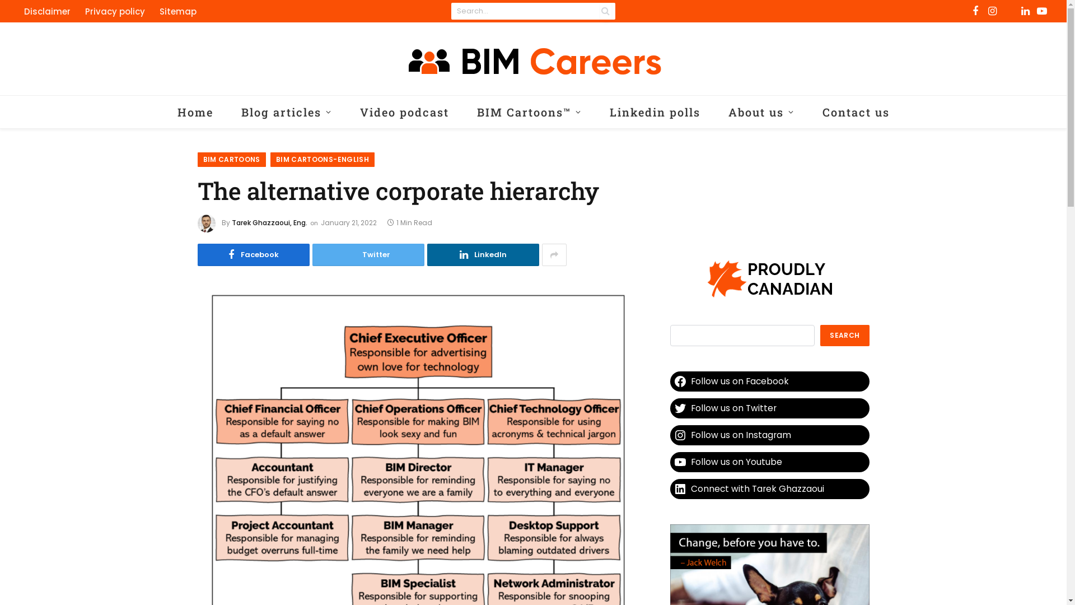 The image size is (1075, 605). I want to click on 'LinkedIn', so click(483, 255).